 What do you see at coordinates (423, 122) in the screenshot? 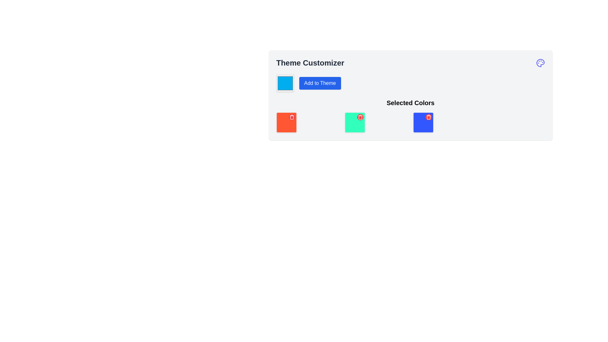
I see `the delete icon on the blue color tile located in the top right corner of the 'Selected Colors' grid` at bounding box center [423, 122].